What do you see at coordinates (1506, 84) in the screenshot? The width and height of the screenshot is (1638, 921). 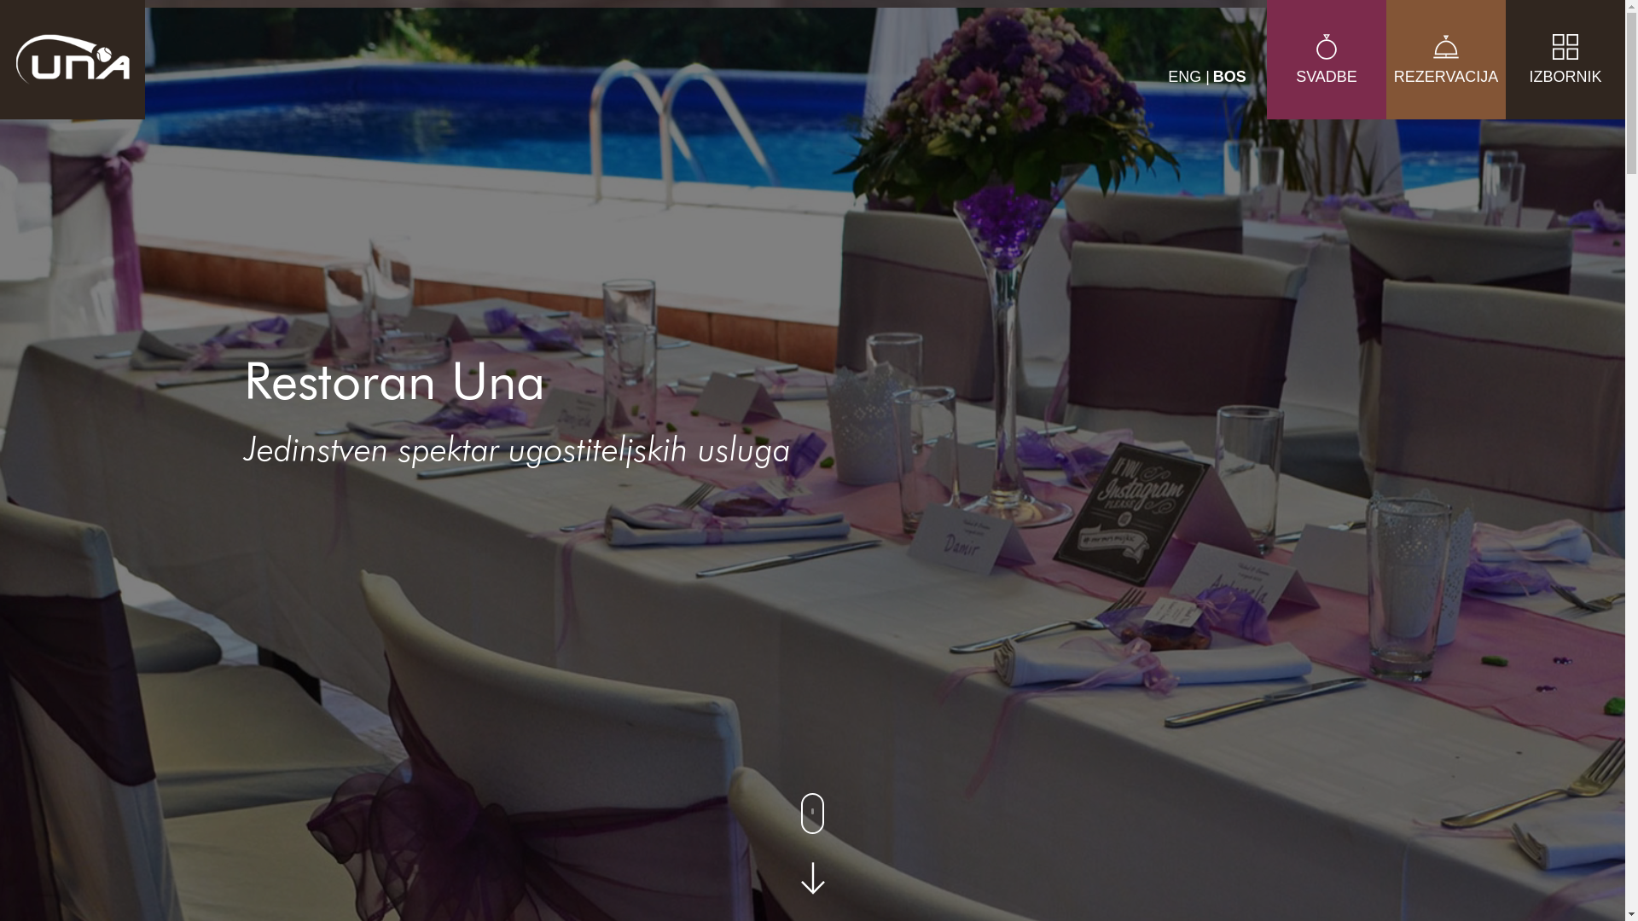 I see `'IZBORNIK'` at bounding box center [1506, 84].